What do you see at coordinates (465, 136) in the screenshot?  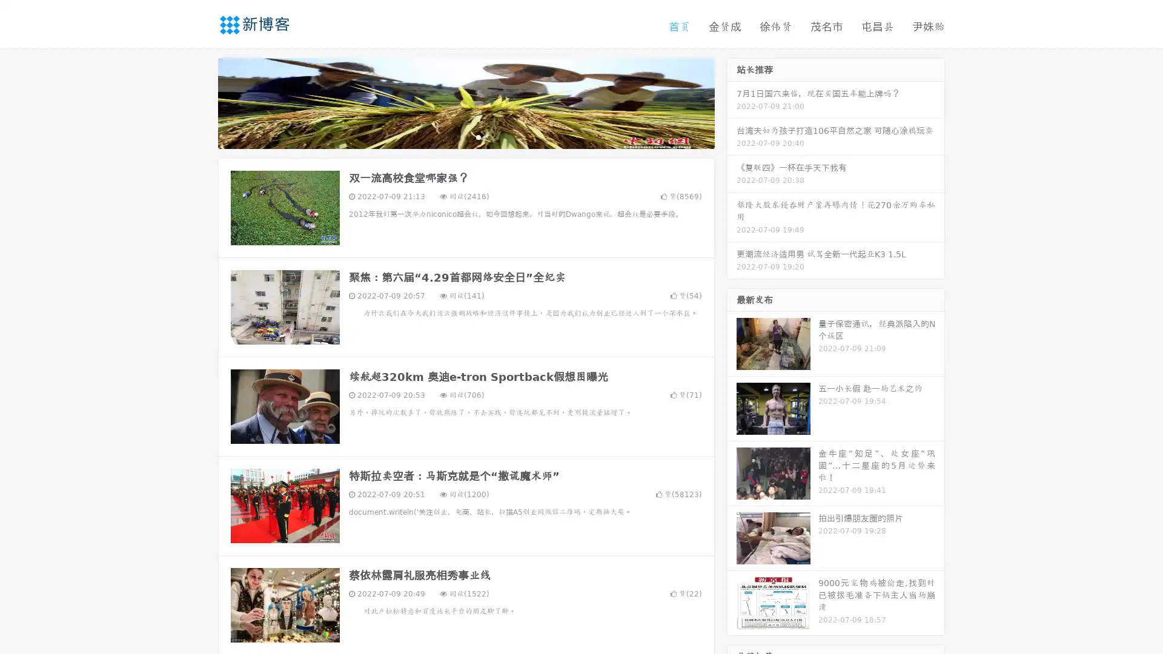 I see `Go to slide 2` at bounding box center [465, 136].